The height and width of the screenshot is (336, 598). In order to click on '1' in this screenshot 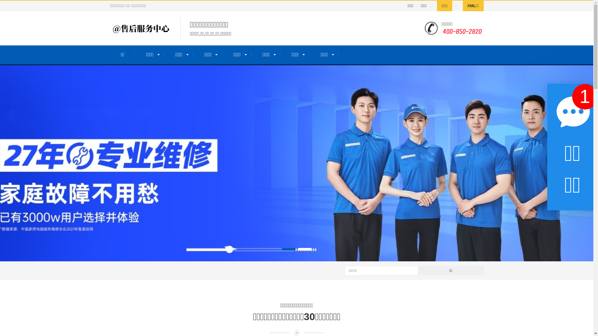, I will do `click(572, 97)`.